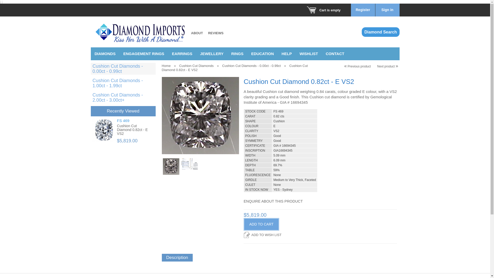 The height and width of the screenshot is (278, 494). What do you see at coordinates (237, 54) in the screenshot?
I see `'RINGS'` at bounding box center [237, 54].